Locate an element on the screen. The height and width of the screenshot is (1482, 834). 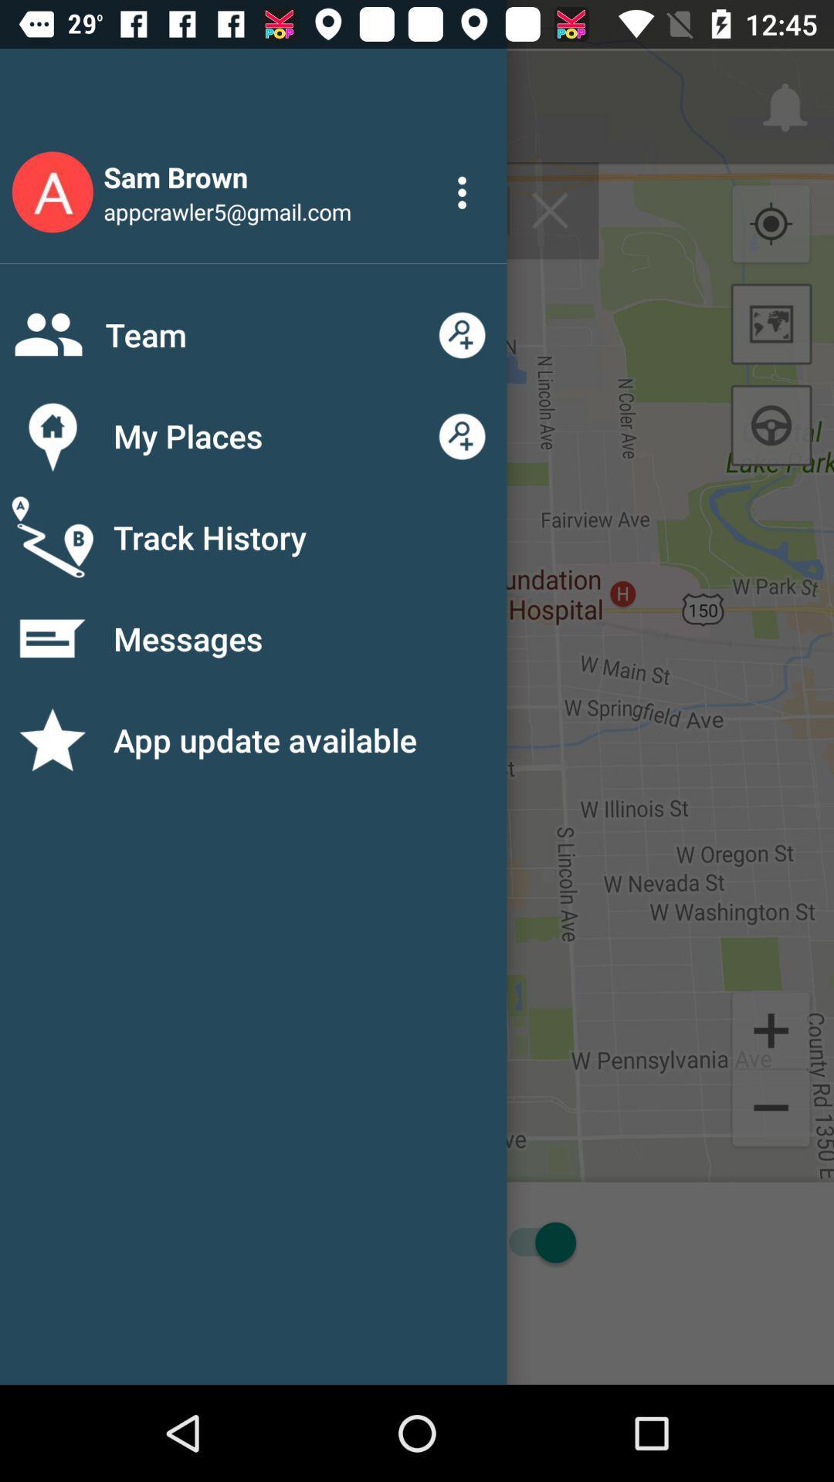
the location_crosshair icon is located at coordinates (771, 224).